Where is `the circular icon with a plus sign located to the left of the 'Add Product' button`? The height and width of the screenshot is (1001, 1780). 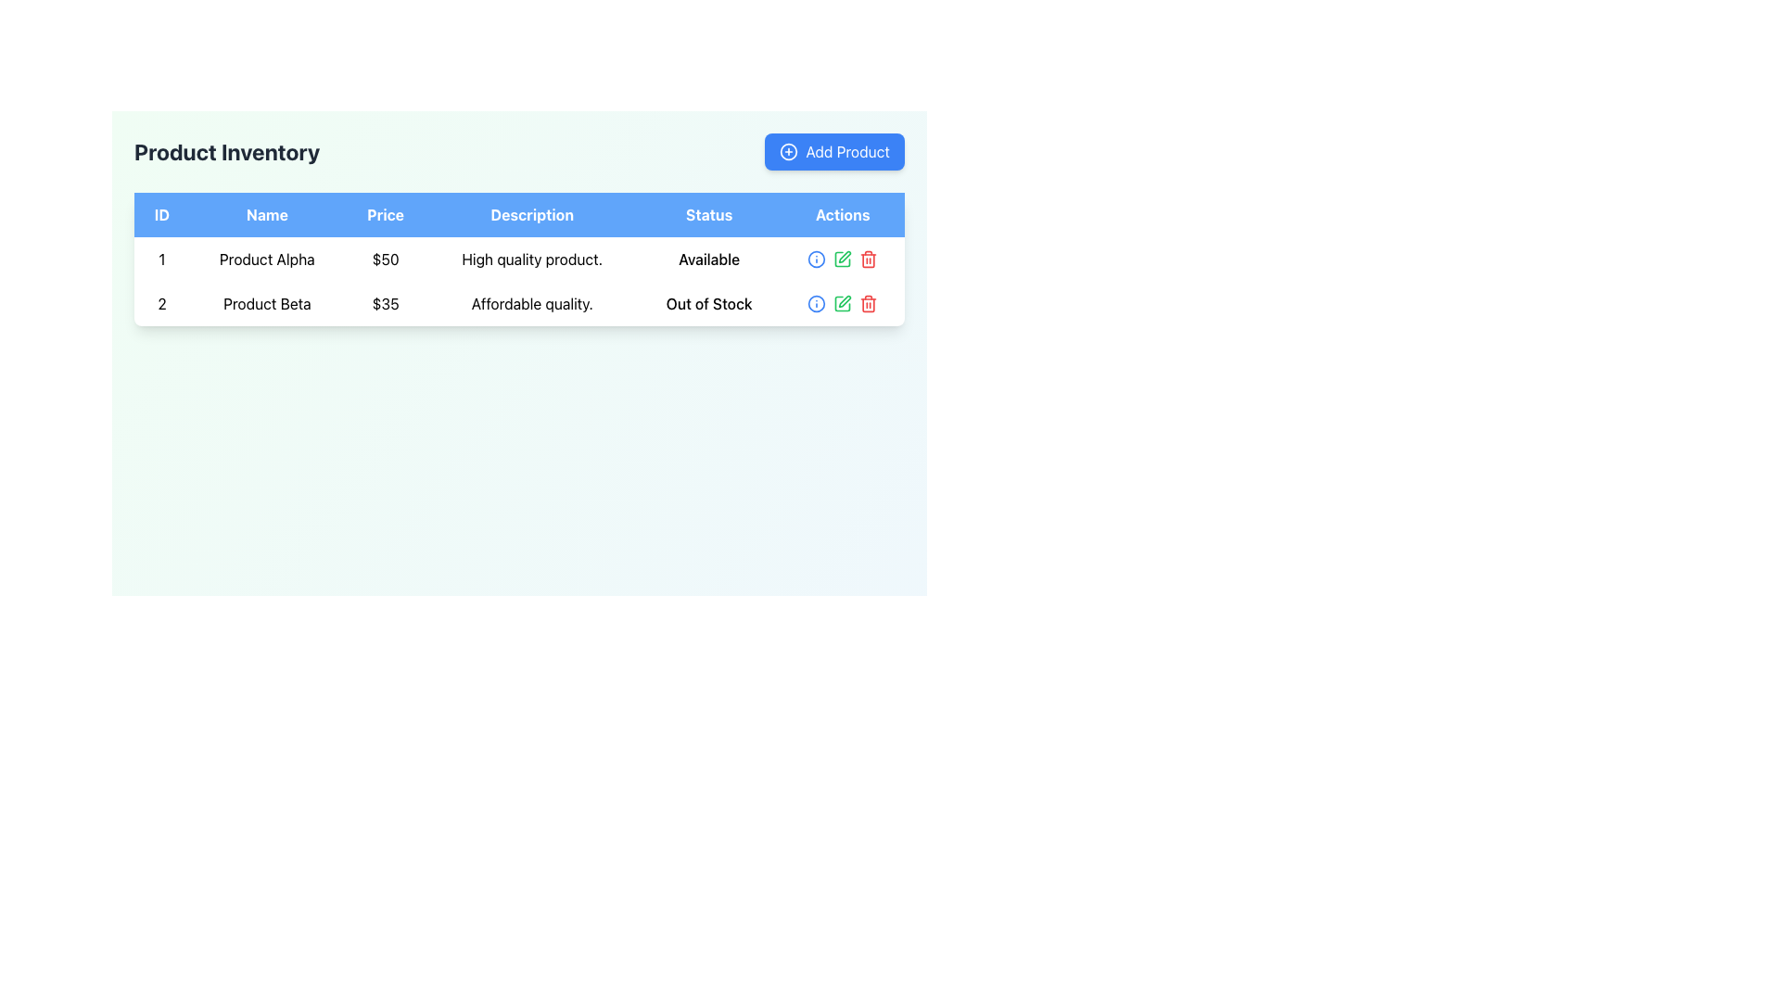
the circular icon with a plus sign located to the left of the 'Add Product' button is located at coordinates (789, 151).